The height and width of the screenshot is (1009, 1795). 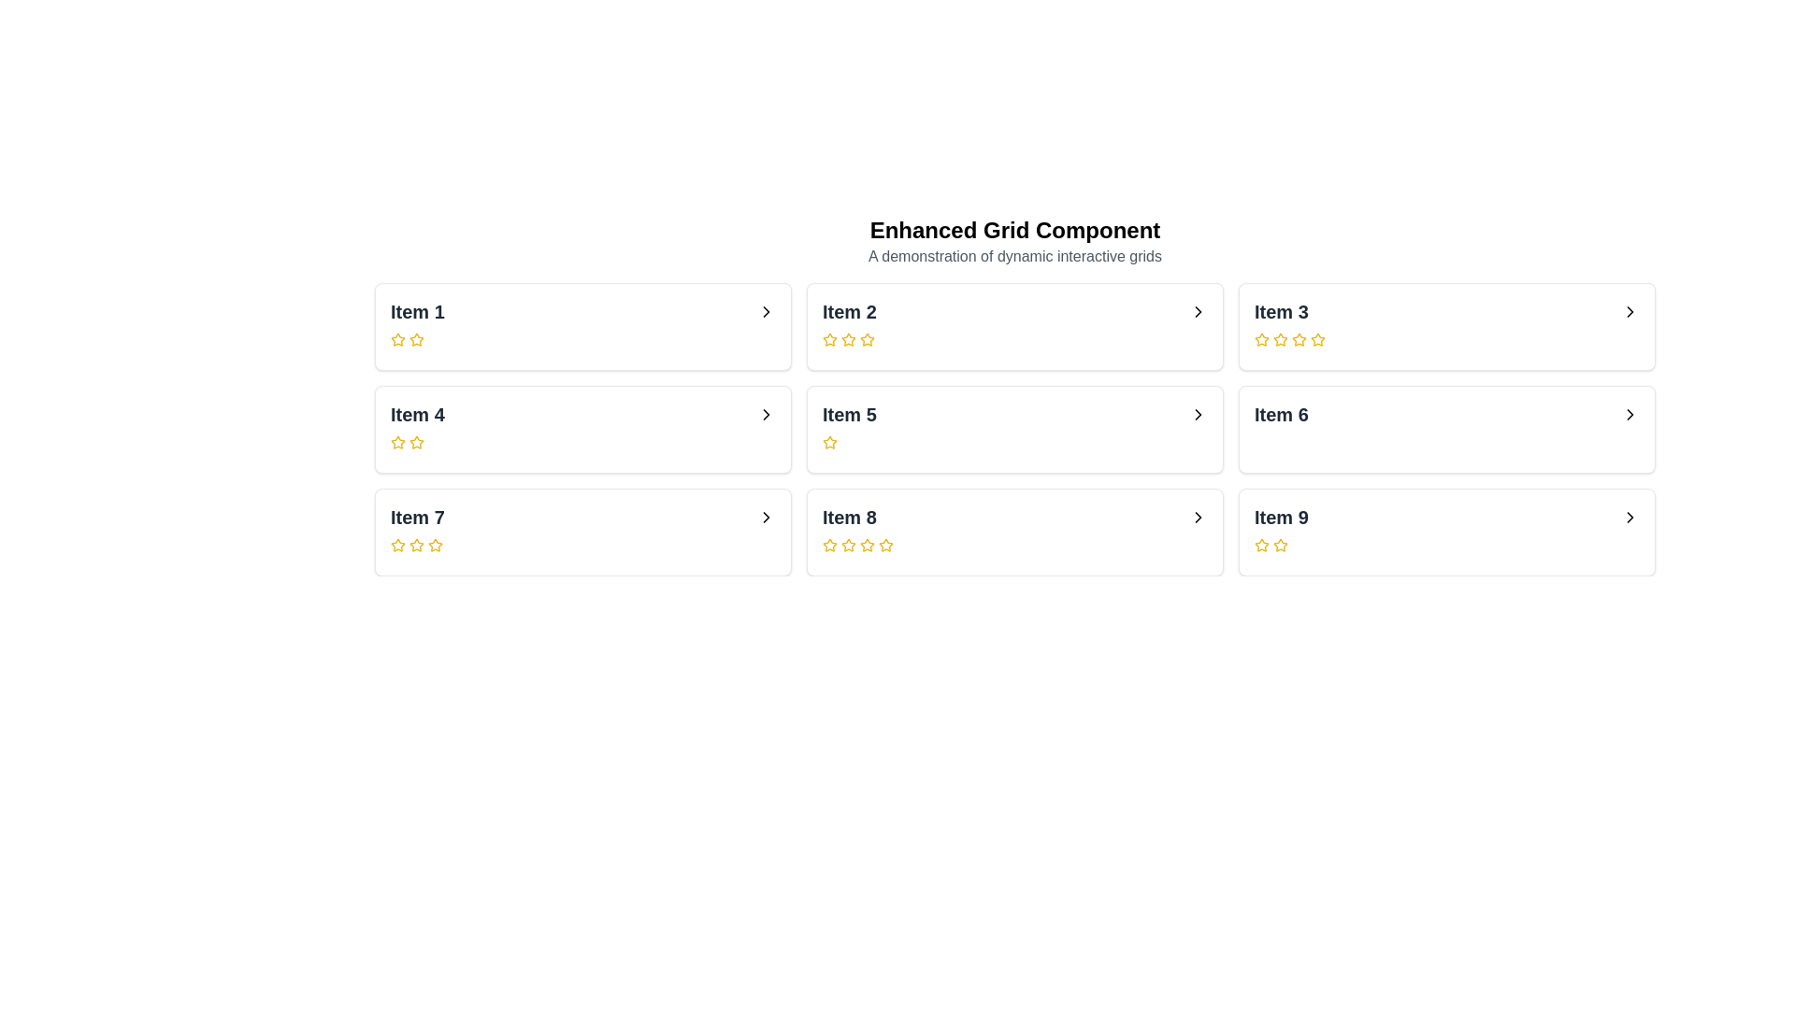 What do you see at coordinates (1446, 429) in the screenshot?
I see `the navigational card for 'Item 6' located in the third column of the second row` at bounding box center [1446, 429].